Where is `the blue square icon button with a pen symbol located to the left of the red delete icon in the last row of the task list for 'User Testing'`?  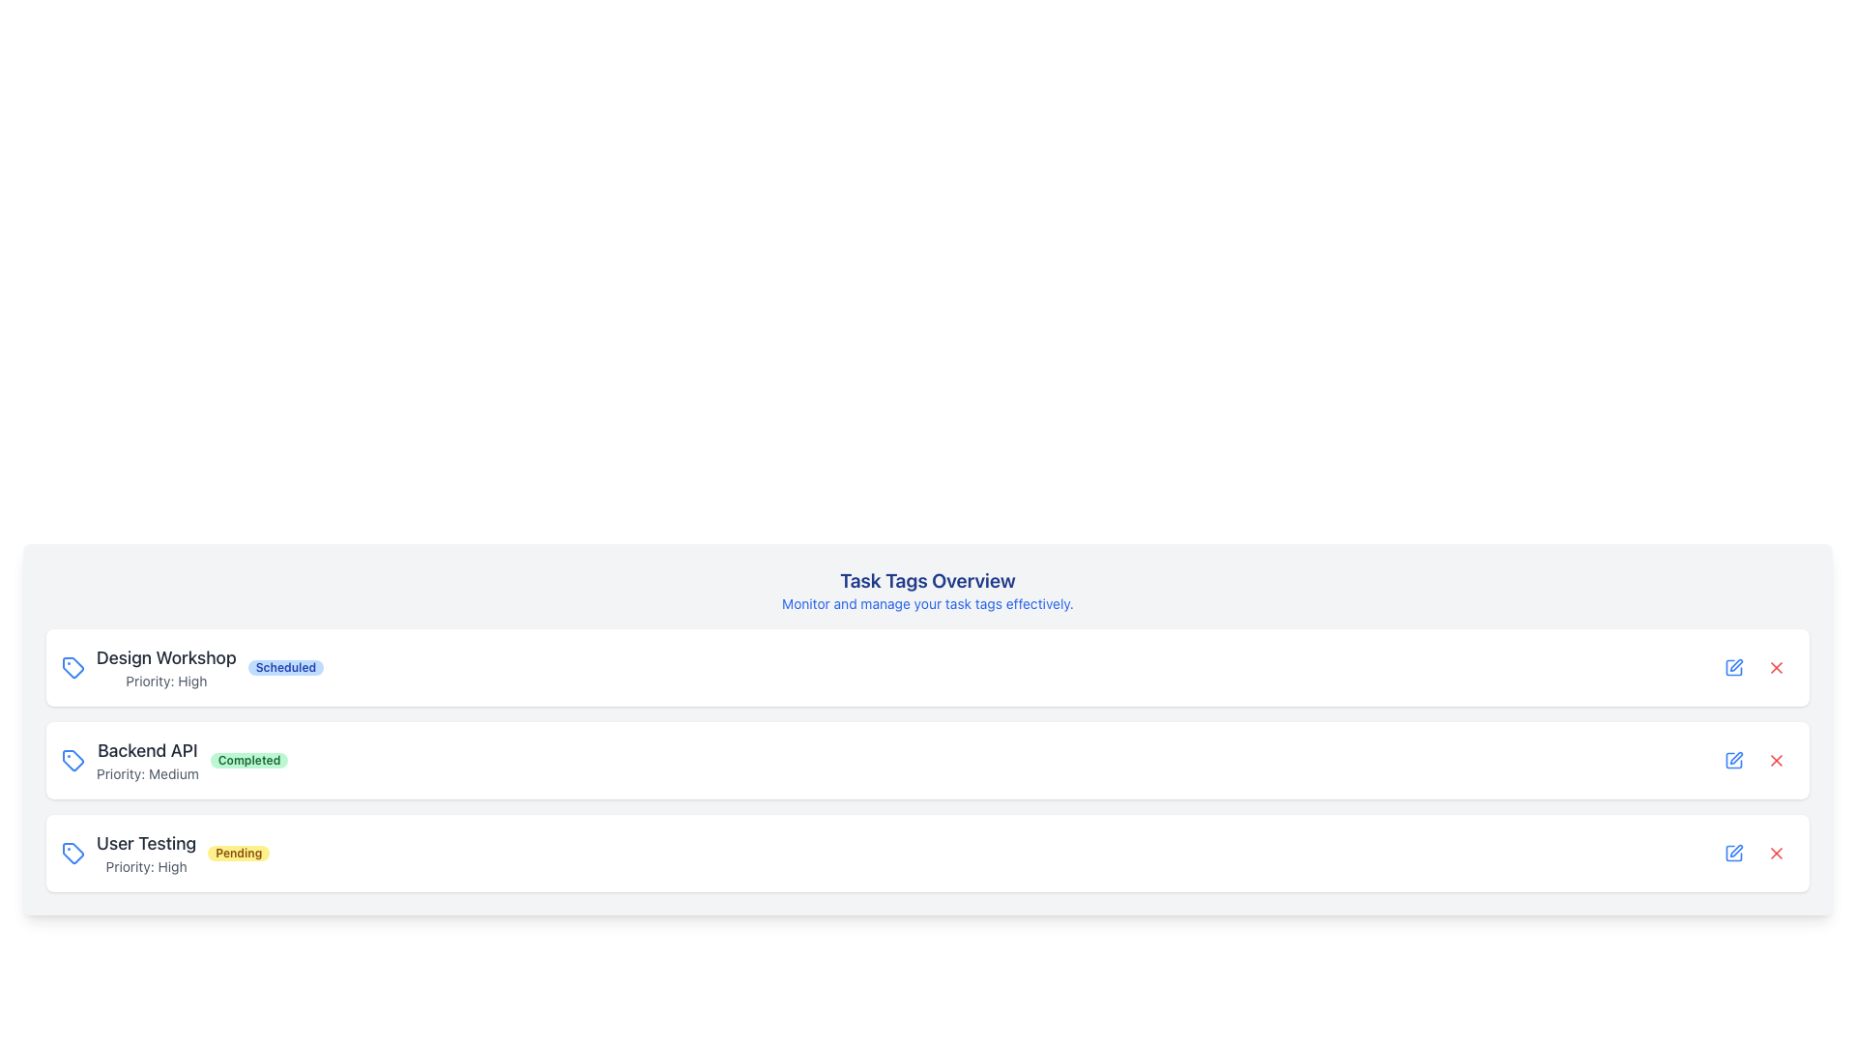 the blue square icon button with a pen symbol located to the left of the red delete icon in the last row of the task list for 'User Testing' is located at coordinates (1734, 853).